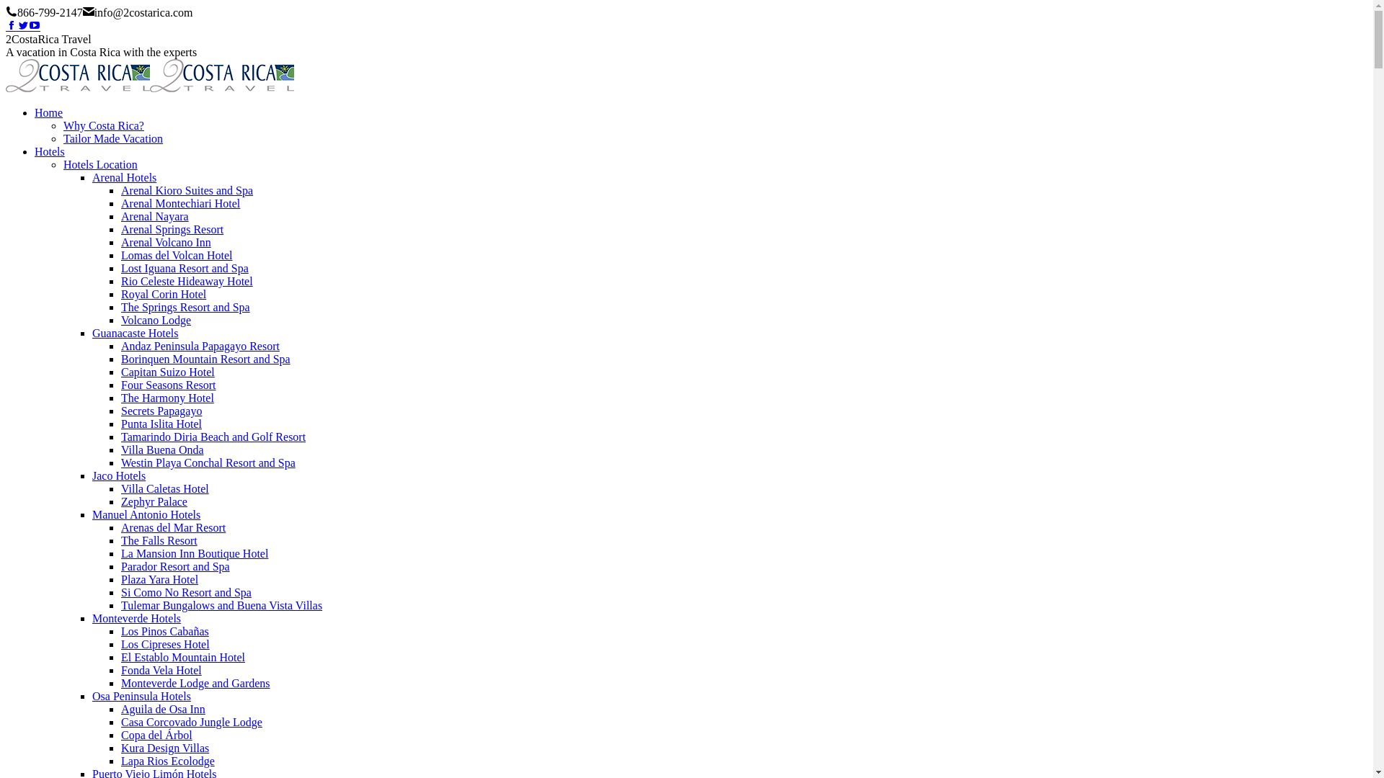 This screenshot has width=1384, height=778. What do you see at coordinates (23, 26) in the screenshot?
I see `'Twitter page opens in new window'` at bounding box center [23, 26].